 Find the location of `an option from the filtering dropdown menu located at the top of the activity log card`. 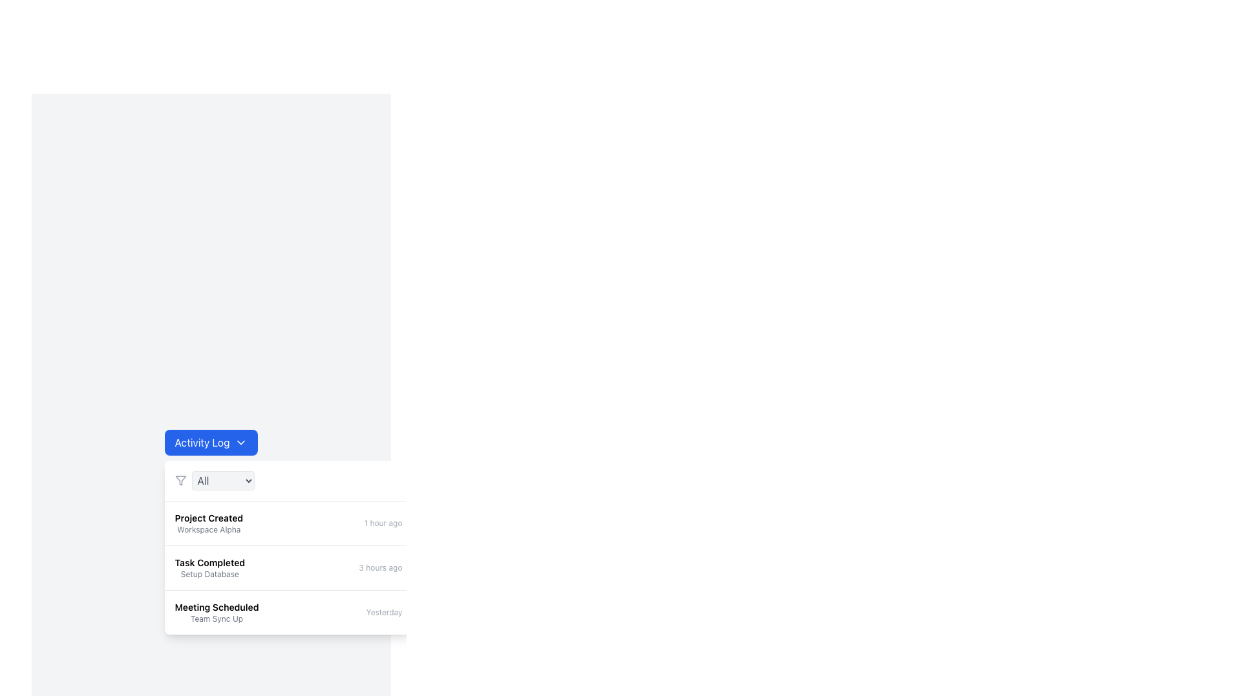

an option from the filtering dropdown menu located at the top of the activity log card is located at coordinates (288, 481).